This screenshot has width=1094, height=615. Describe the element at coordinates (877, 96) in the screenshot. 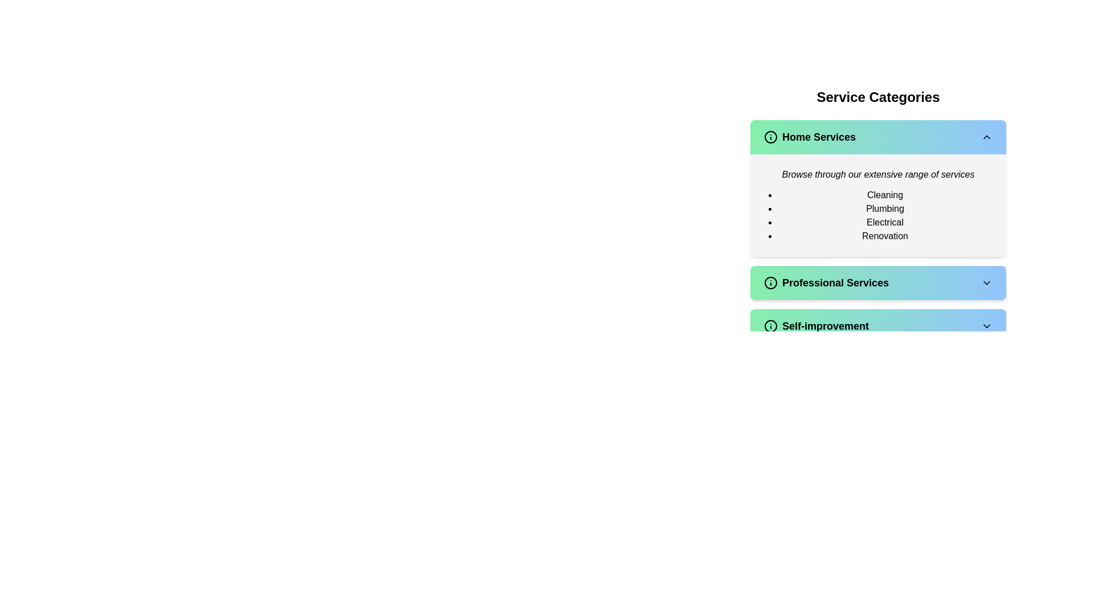

I see `static heading or title text content located at the center of the bounding box, which is positioned above the 'Home Services', 'Professional Services', and 'Self-improvement' sections` at that location.